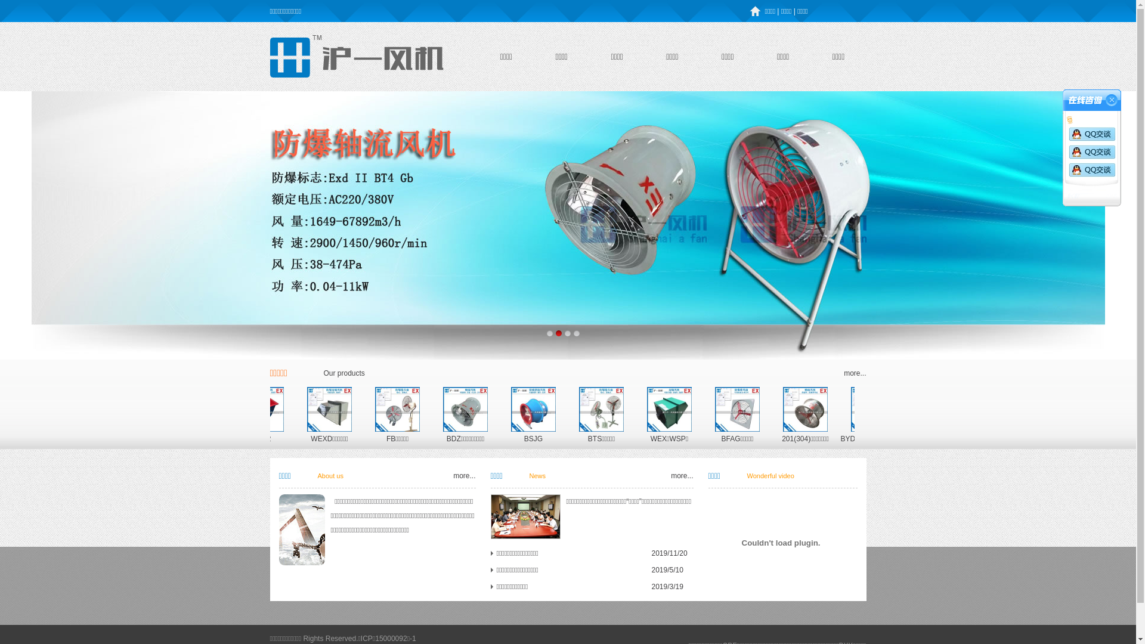 The width and height of the screenshot is (1145, 644). What do you see at coordinates (682, 475) in the screenshot?
I see `'more...'` at bounding box center [682, 475].